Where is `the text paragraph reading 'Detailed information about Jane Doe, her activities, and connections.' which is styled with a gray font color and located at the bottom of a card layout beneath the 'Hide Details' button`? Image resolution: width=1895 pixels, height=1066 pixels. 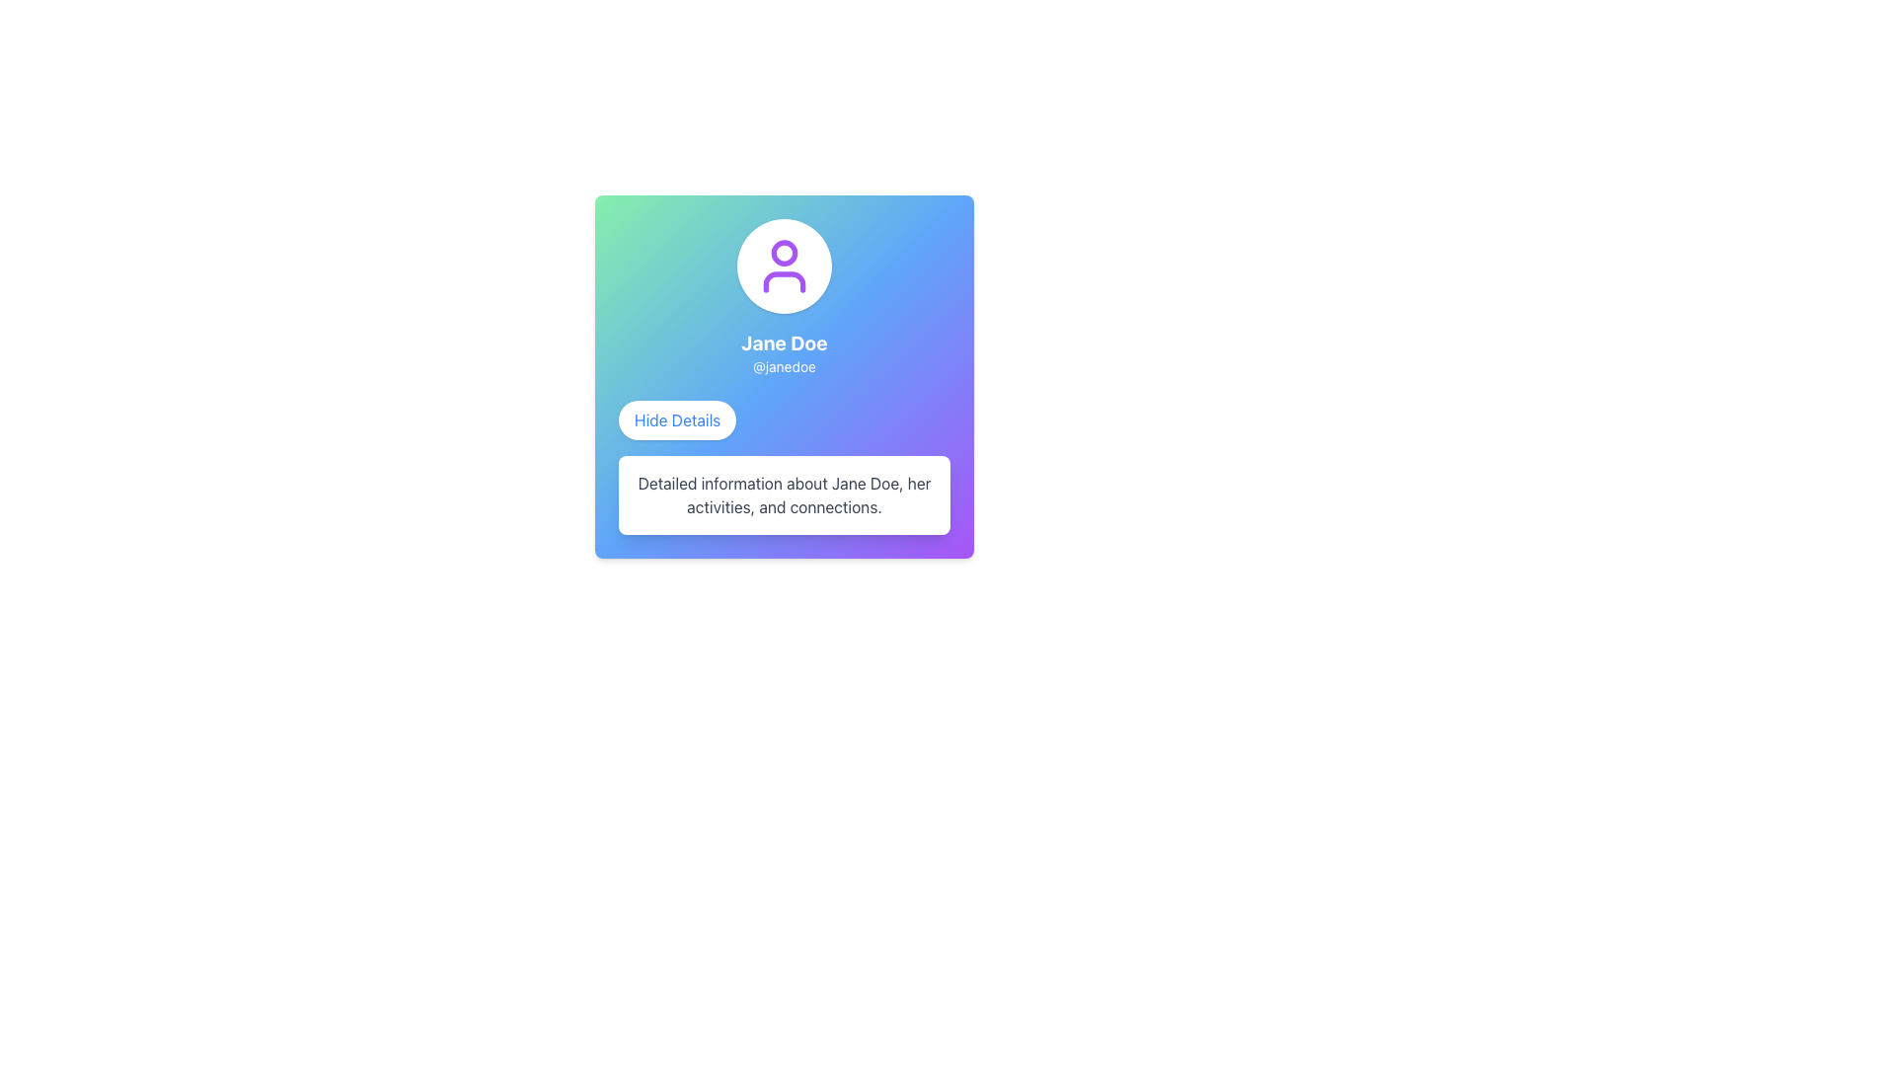
the text paragraph reading 'Detailed information about Jane Doe, her activities, and connections.' which is styled with a gray font color and located at the bottom of a card layout beneath the 'Hide Details' button is located at coordinates (784, 494).